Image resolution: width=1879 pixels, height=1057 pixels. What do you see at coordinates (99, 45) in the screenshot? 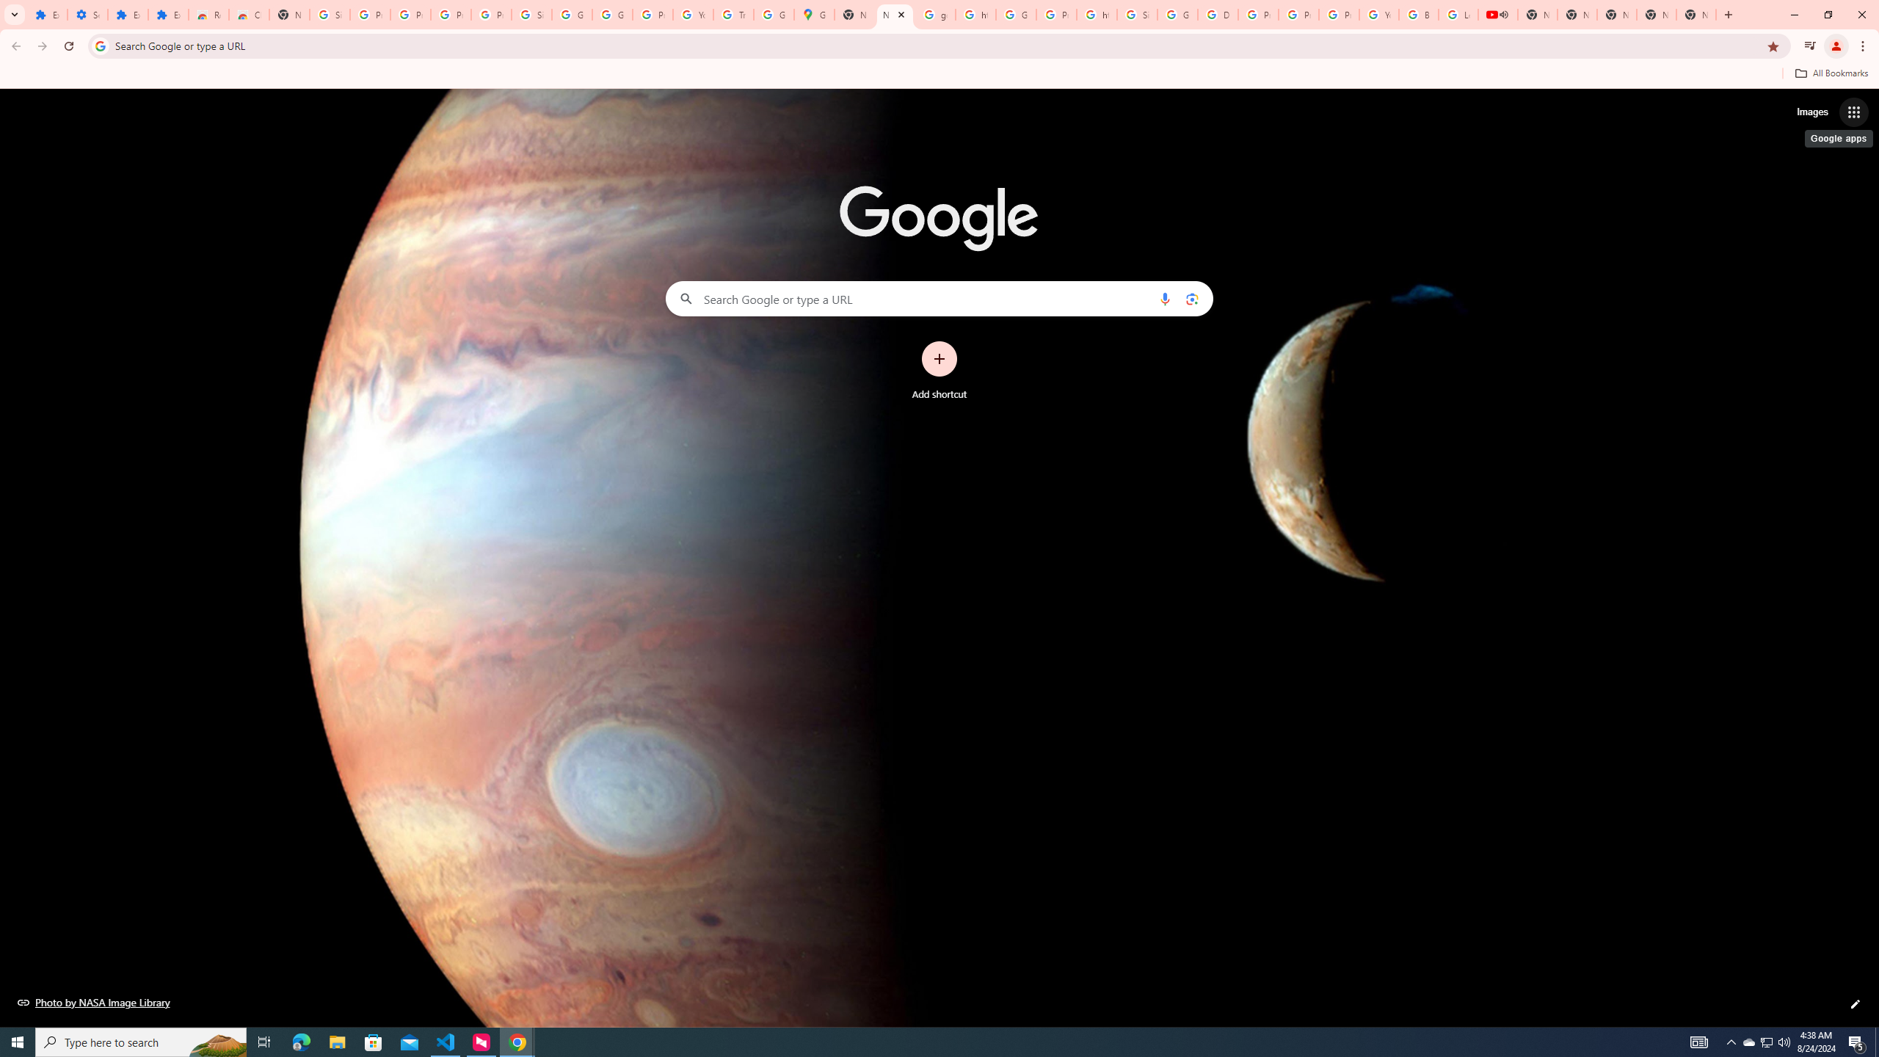
I see `'Search icon'` at bounding box center [99, 45].